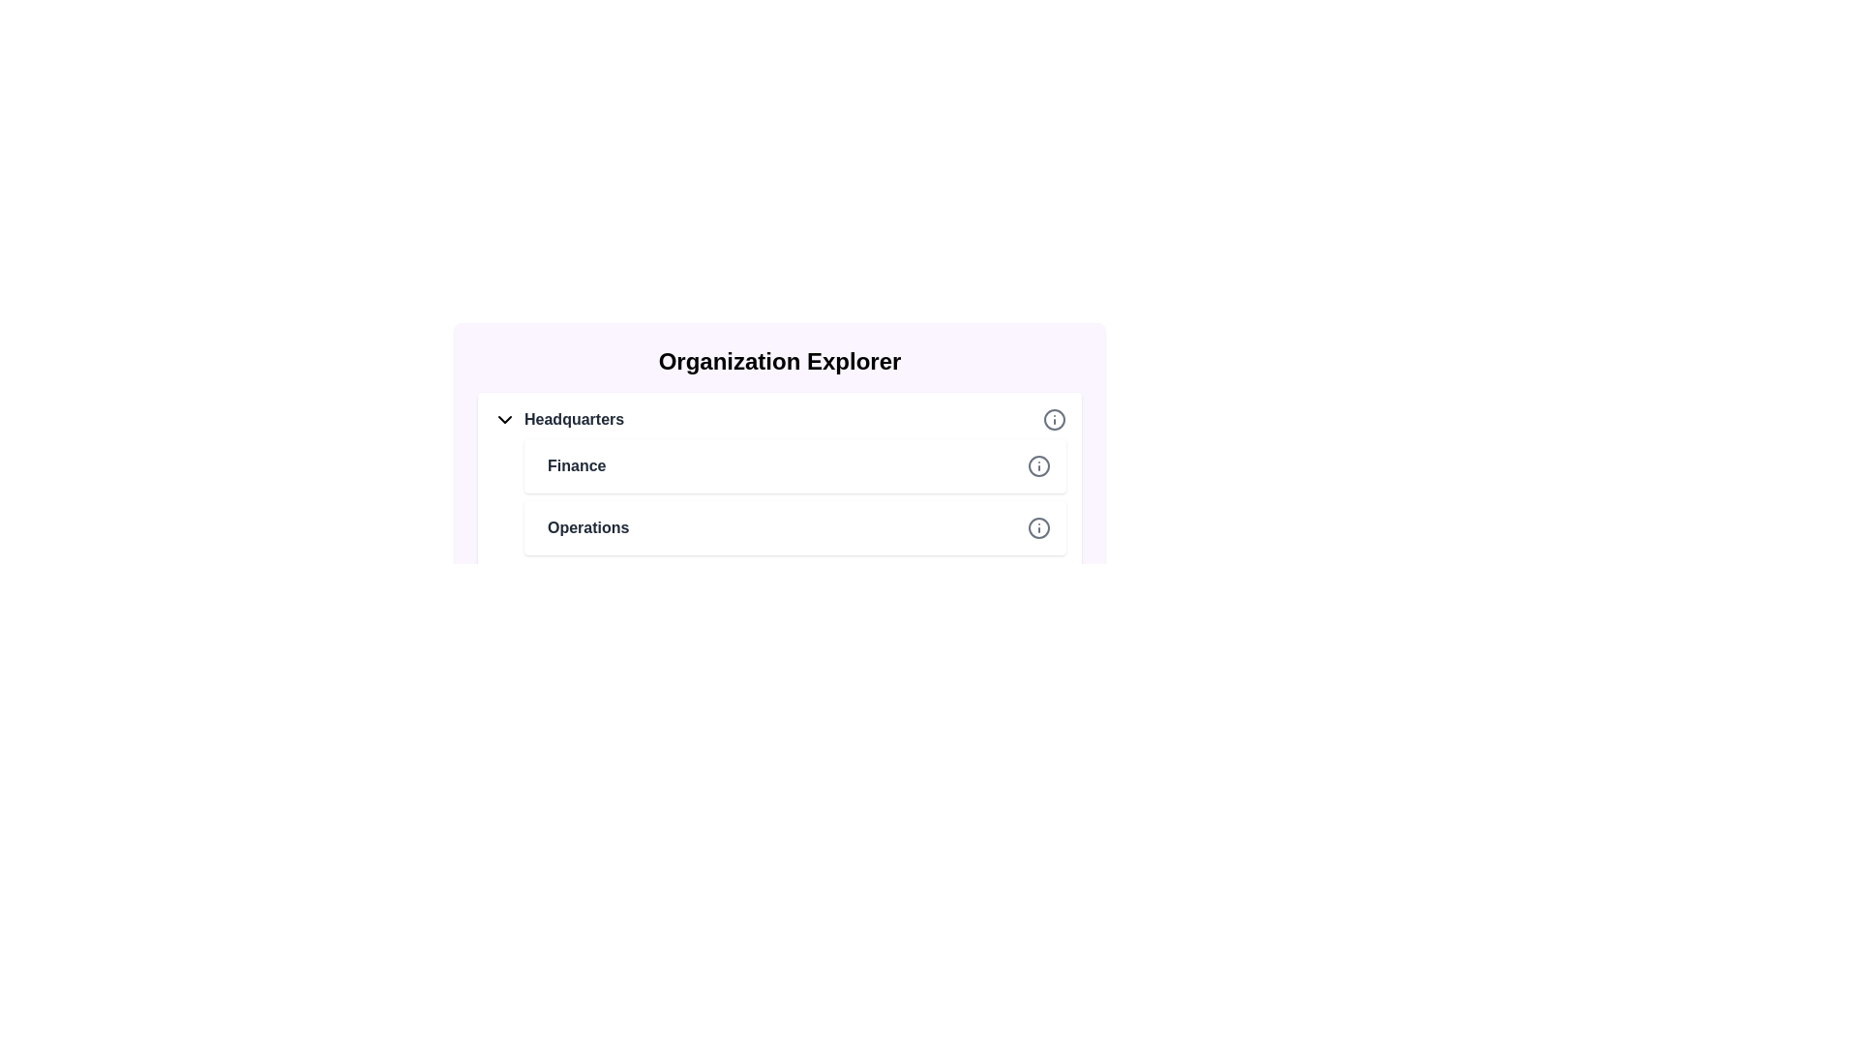 Image resolution: width=1858 pixels, height=1045 pixels. Describe the element at coordinates (794, 528) in the screenshot. I see `the list item in the navigation menu labeled 'Operations' located in the second row of the 'Headquarters' collapsible section` at that location.